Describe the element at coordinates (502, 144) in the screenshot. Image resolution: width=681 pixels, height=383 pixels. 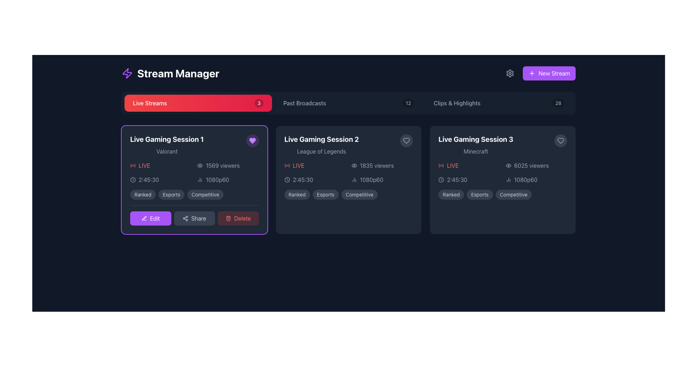
I see `the interactive icon located in the Card Header of the third card in the 'Live Streams' section, which represents a live-streaming session` at that location.